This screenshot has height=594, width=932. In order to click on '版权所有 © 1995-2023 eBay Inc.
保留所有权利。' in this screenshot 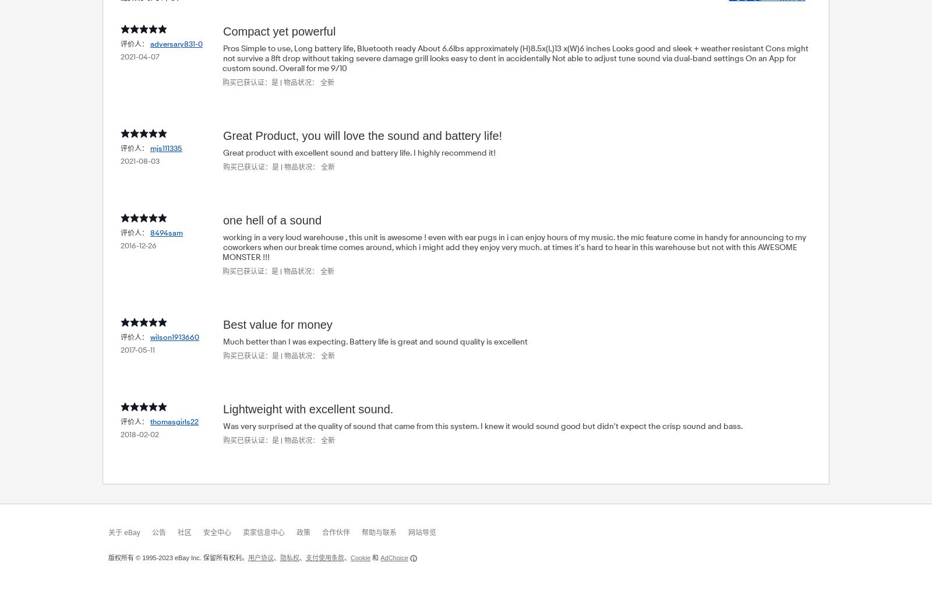, I will do `click(178, 557)`.